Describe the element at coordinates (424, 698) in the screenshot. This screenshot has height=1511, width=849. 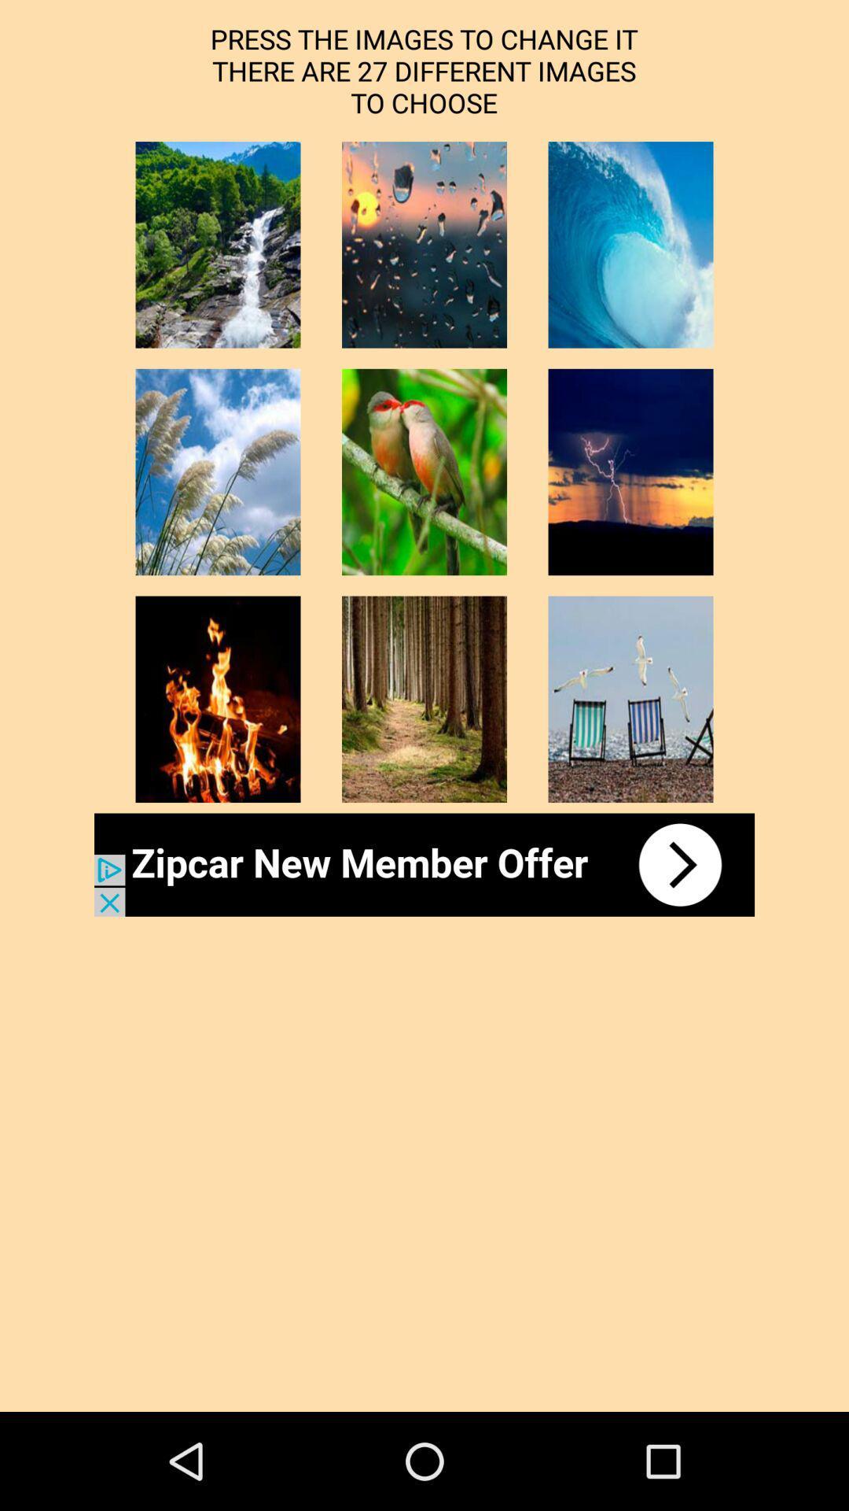
I see `choose the image` at that location.